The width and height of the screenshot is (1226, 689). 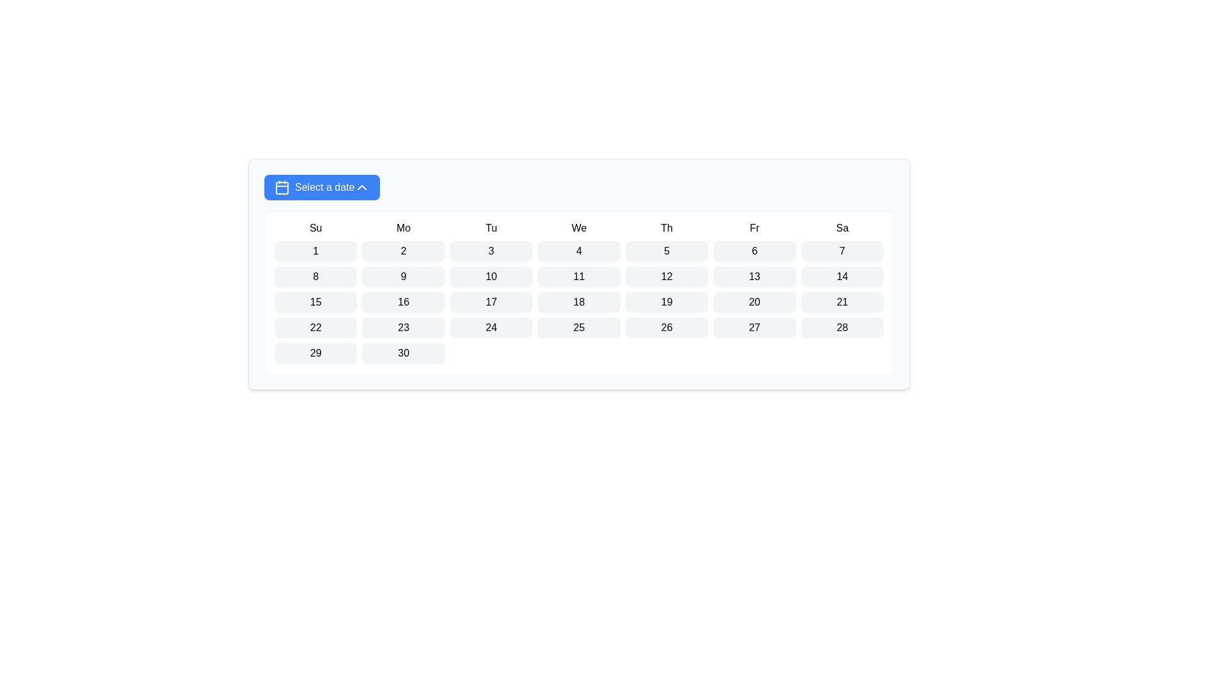 I want to click on the static text element representing the weekday 'Friday' in the calendar interface, so click(x=754, y=228).